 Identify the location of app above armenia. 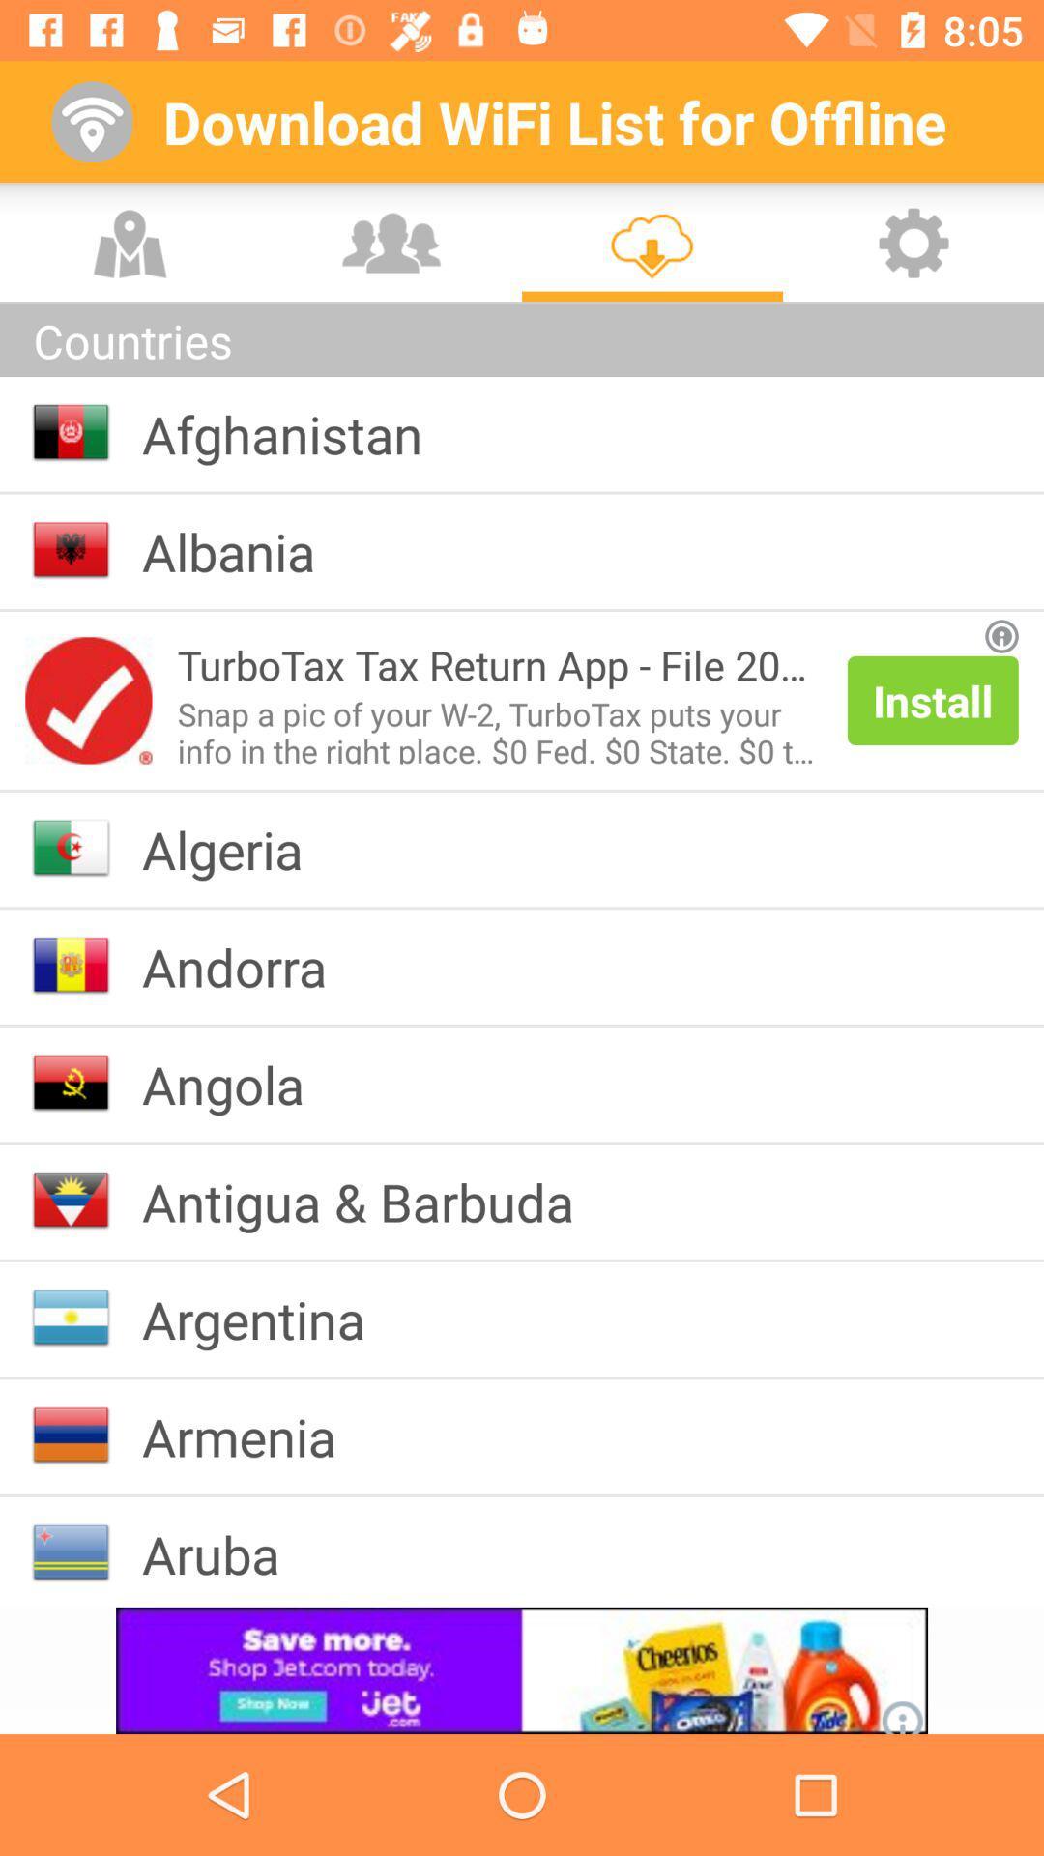
(269, 1318).